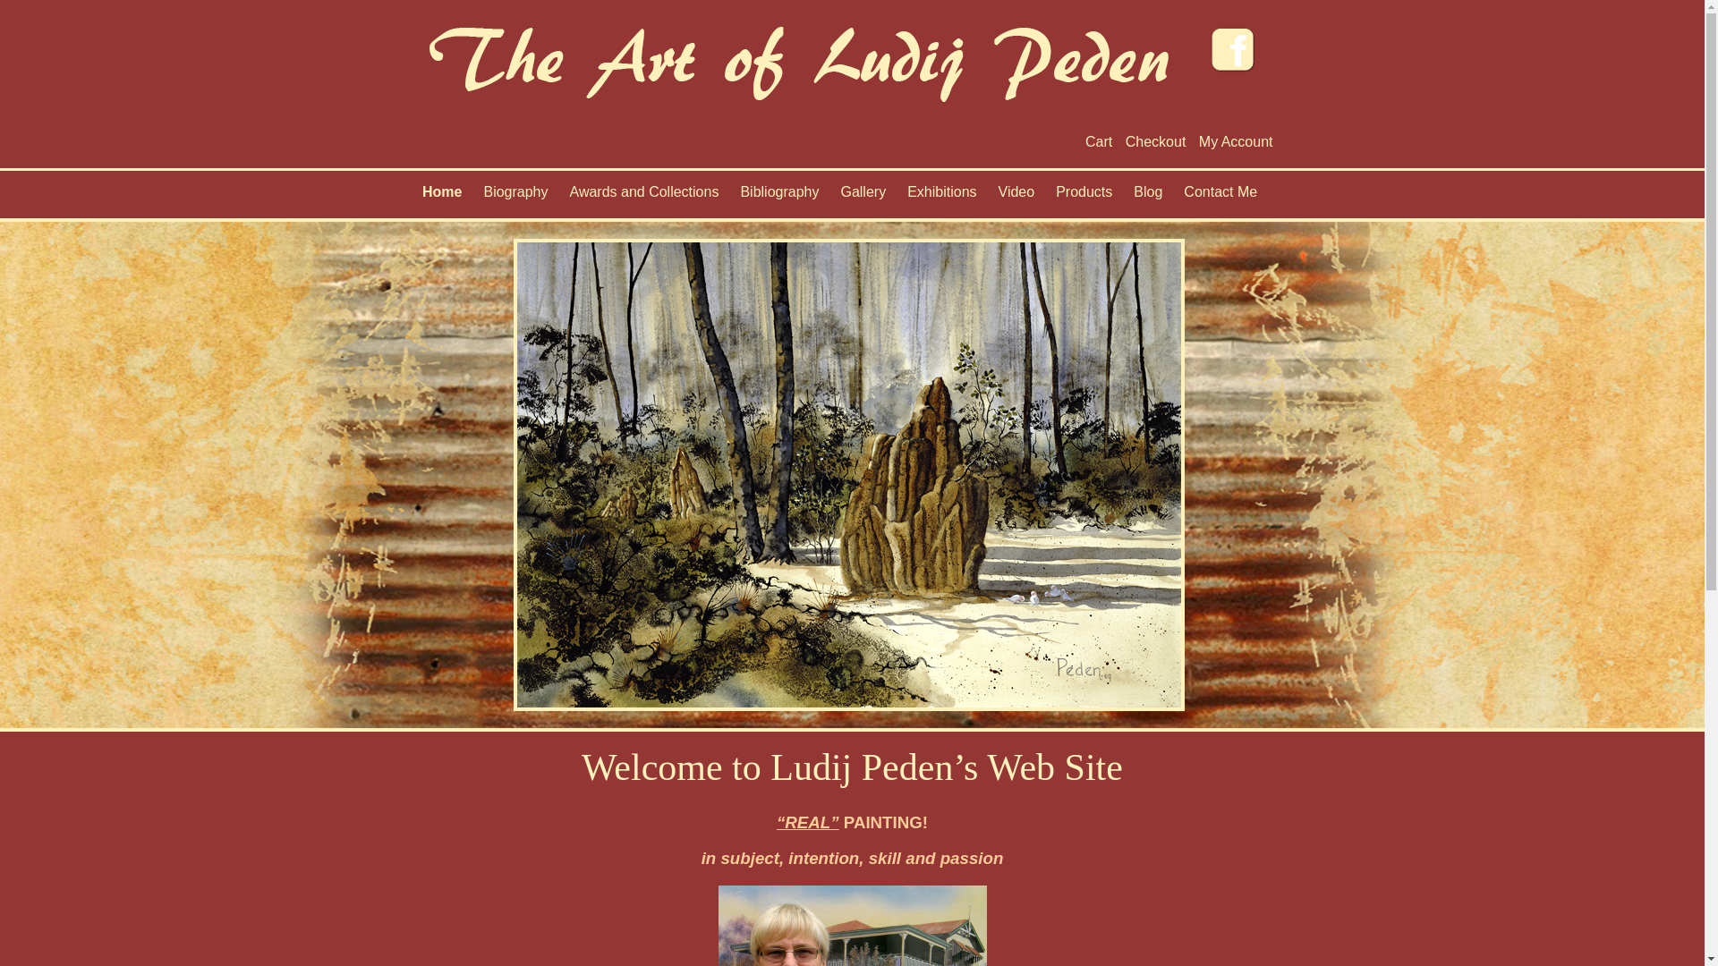  What do you see at coordinates (1219, 196) in the screenshot?
I see `'Contact Me'` at bounding box center [1219, 196].